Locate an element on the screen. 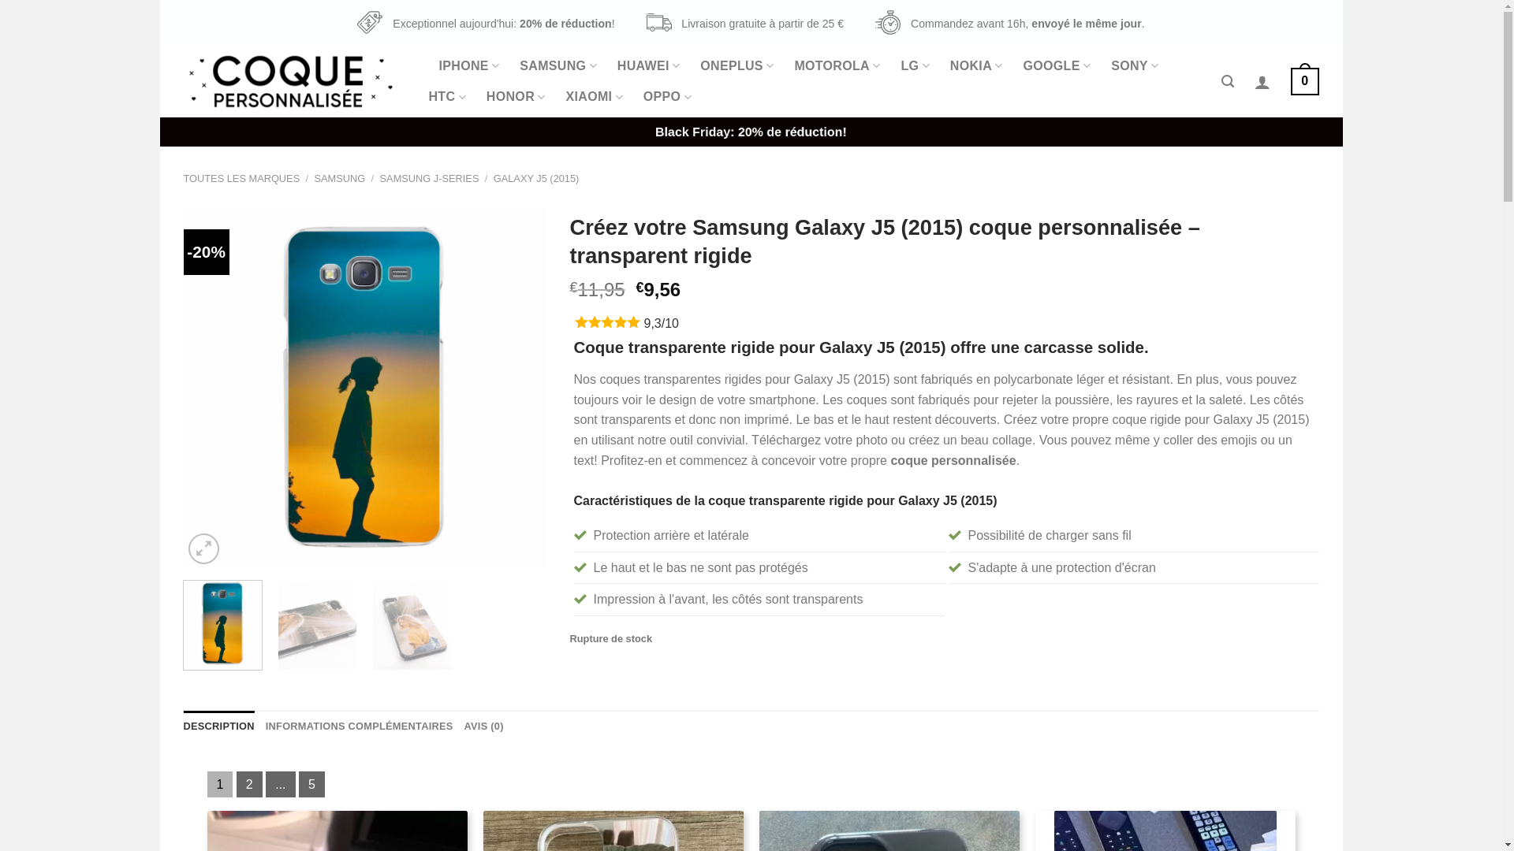  '0' is located at coordinates (1304, 81).